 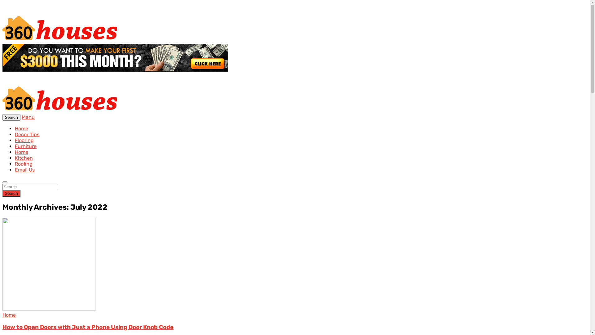 What do you see at coordinates (87, 327) in the screenshot?
I see `'How to Open Doors with Just a Phone Using Door Knob Code'` at bounding box center [87, 327].